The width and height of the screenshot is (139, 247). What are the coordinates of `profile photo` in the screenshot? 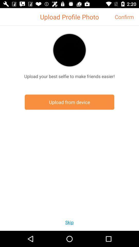 It's located at (69, 50).